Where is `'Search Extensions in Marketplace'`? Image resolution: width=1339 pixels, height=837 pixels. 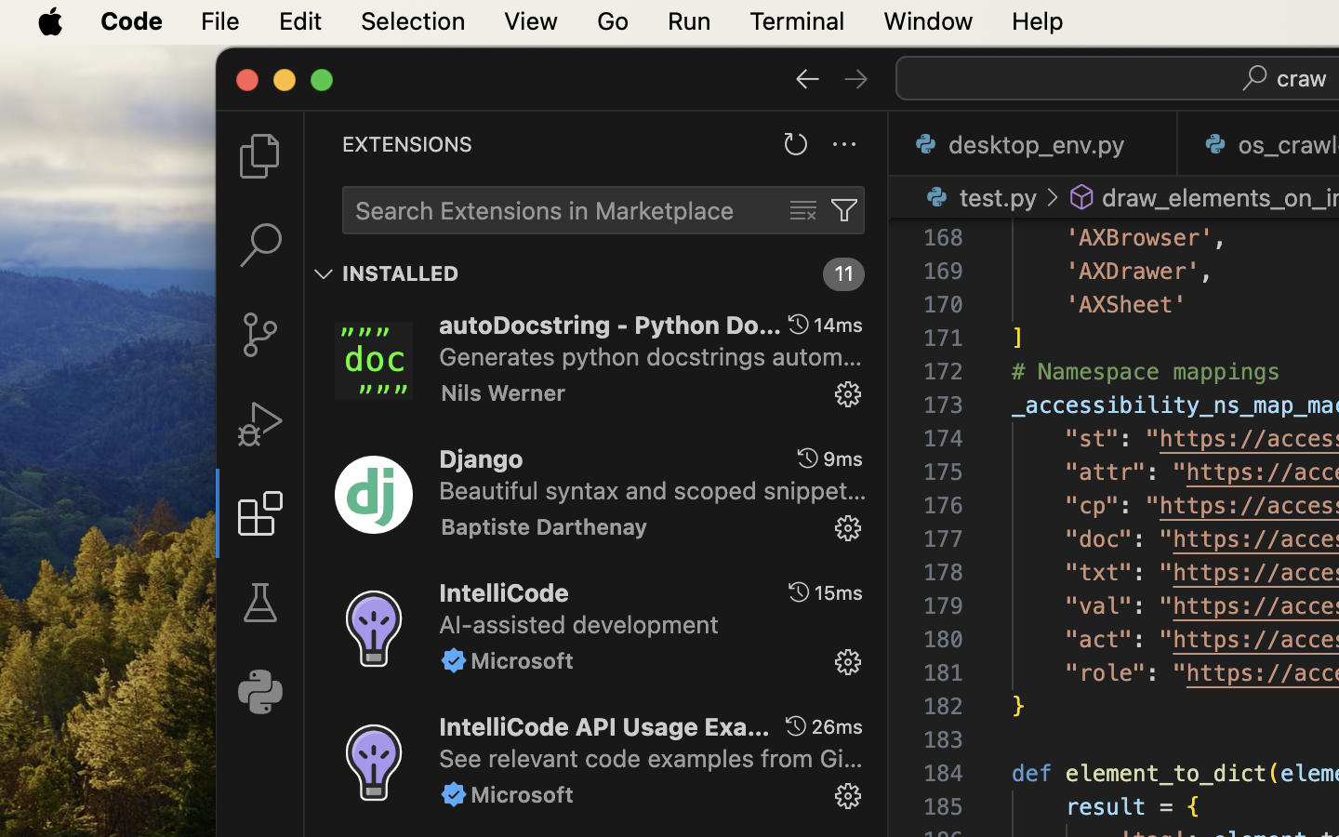
'Search Extensions in Marketplace' is located at coordinates (544, 209).